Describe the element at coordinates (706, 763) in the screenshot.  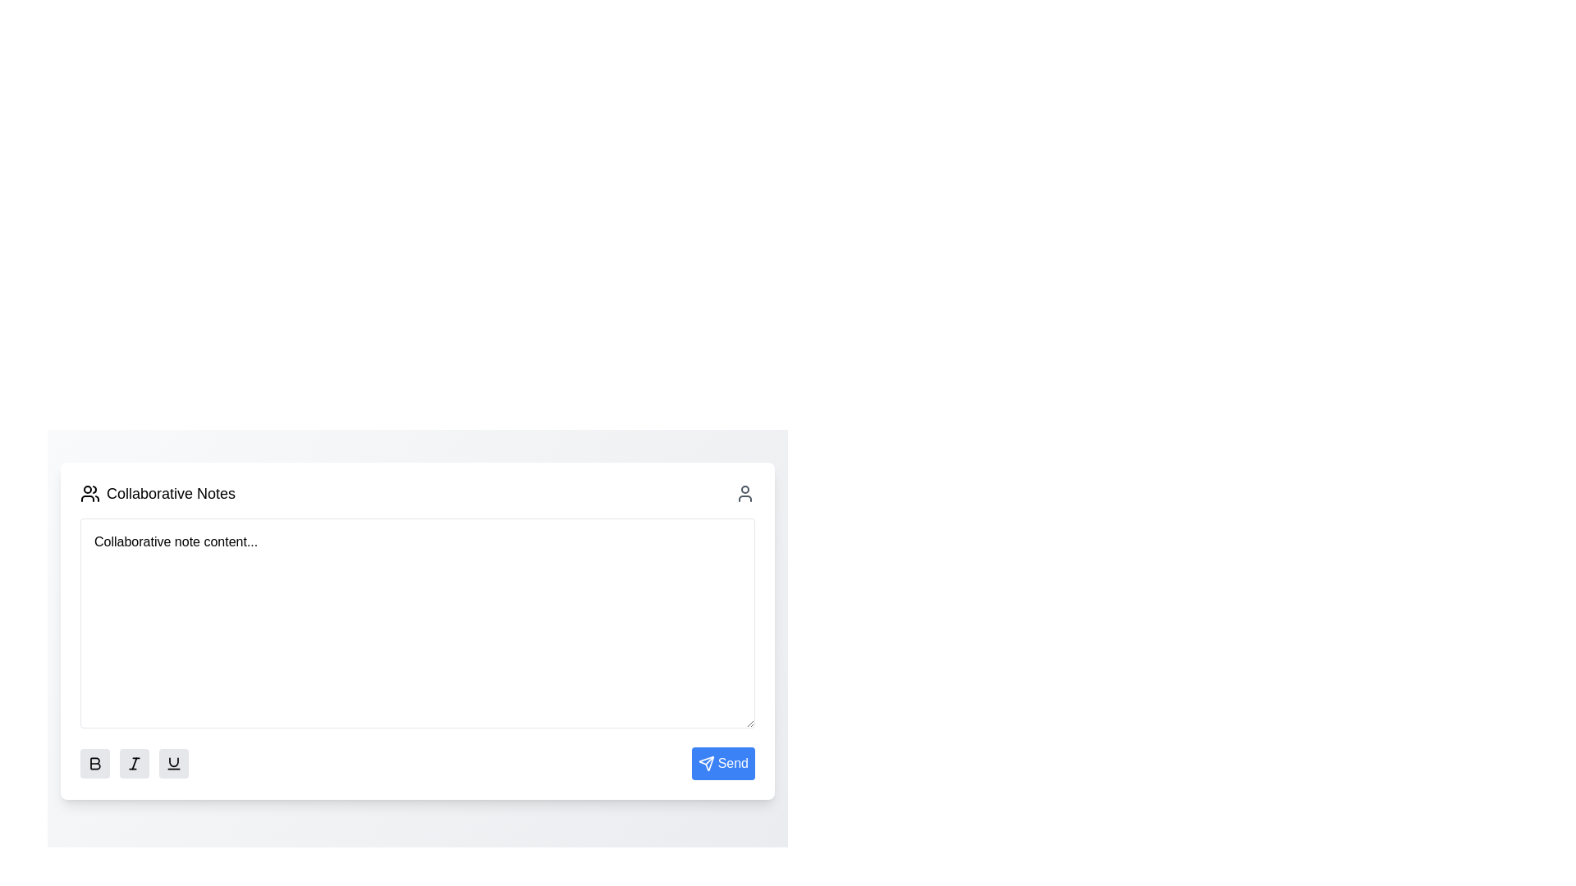
I see `the send icon located at the bottom-right corner of the collaborative note-taking interface` at that location.